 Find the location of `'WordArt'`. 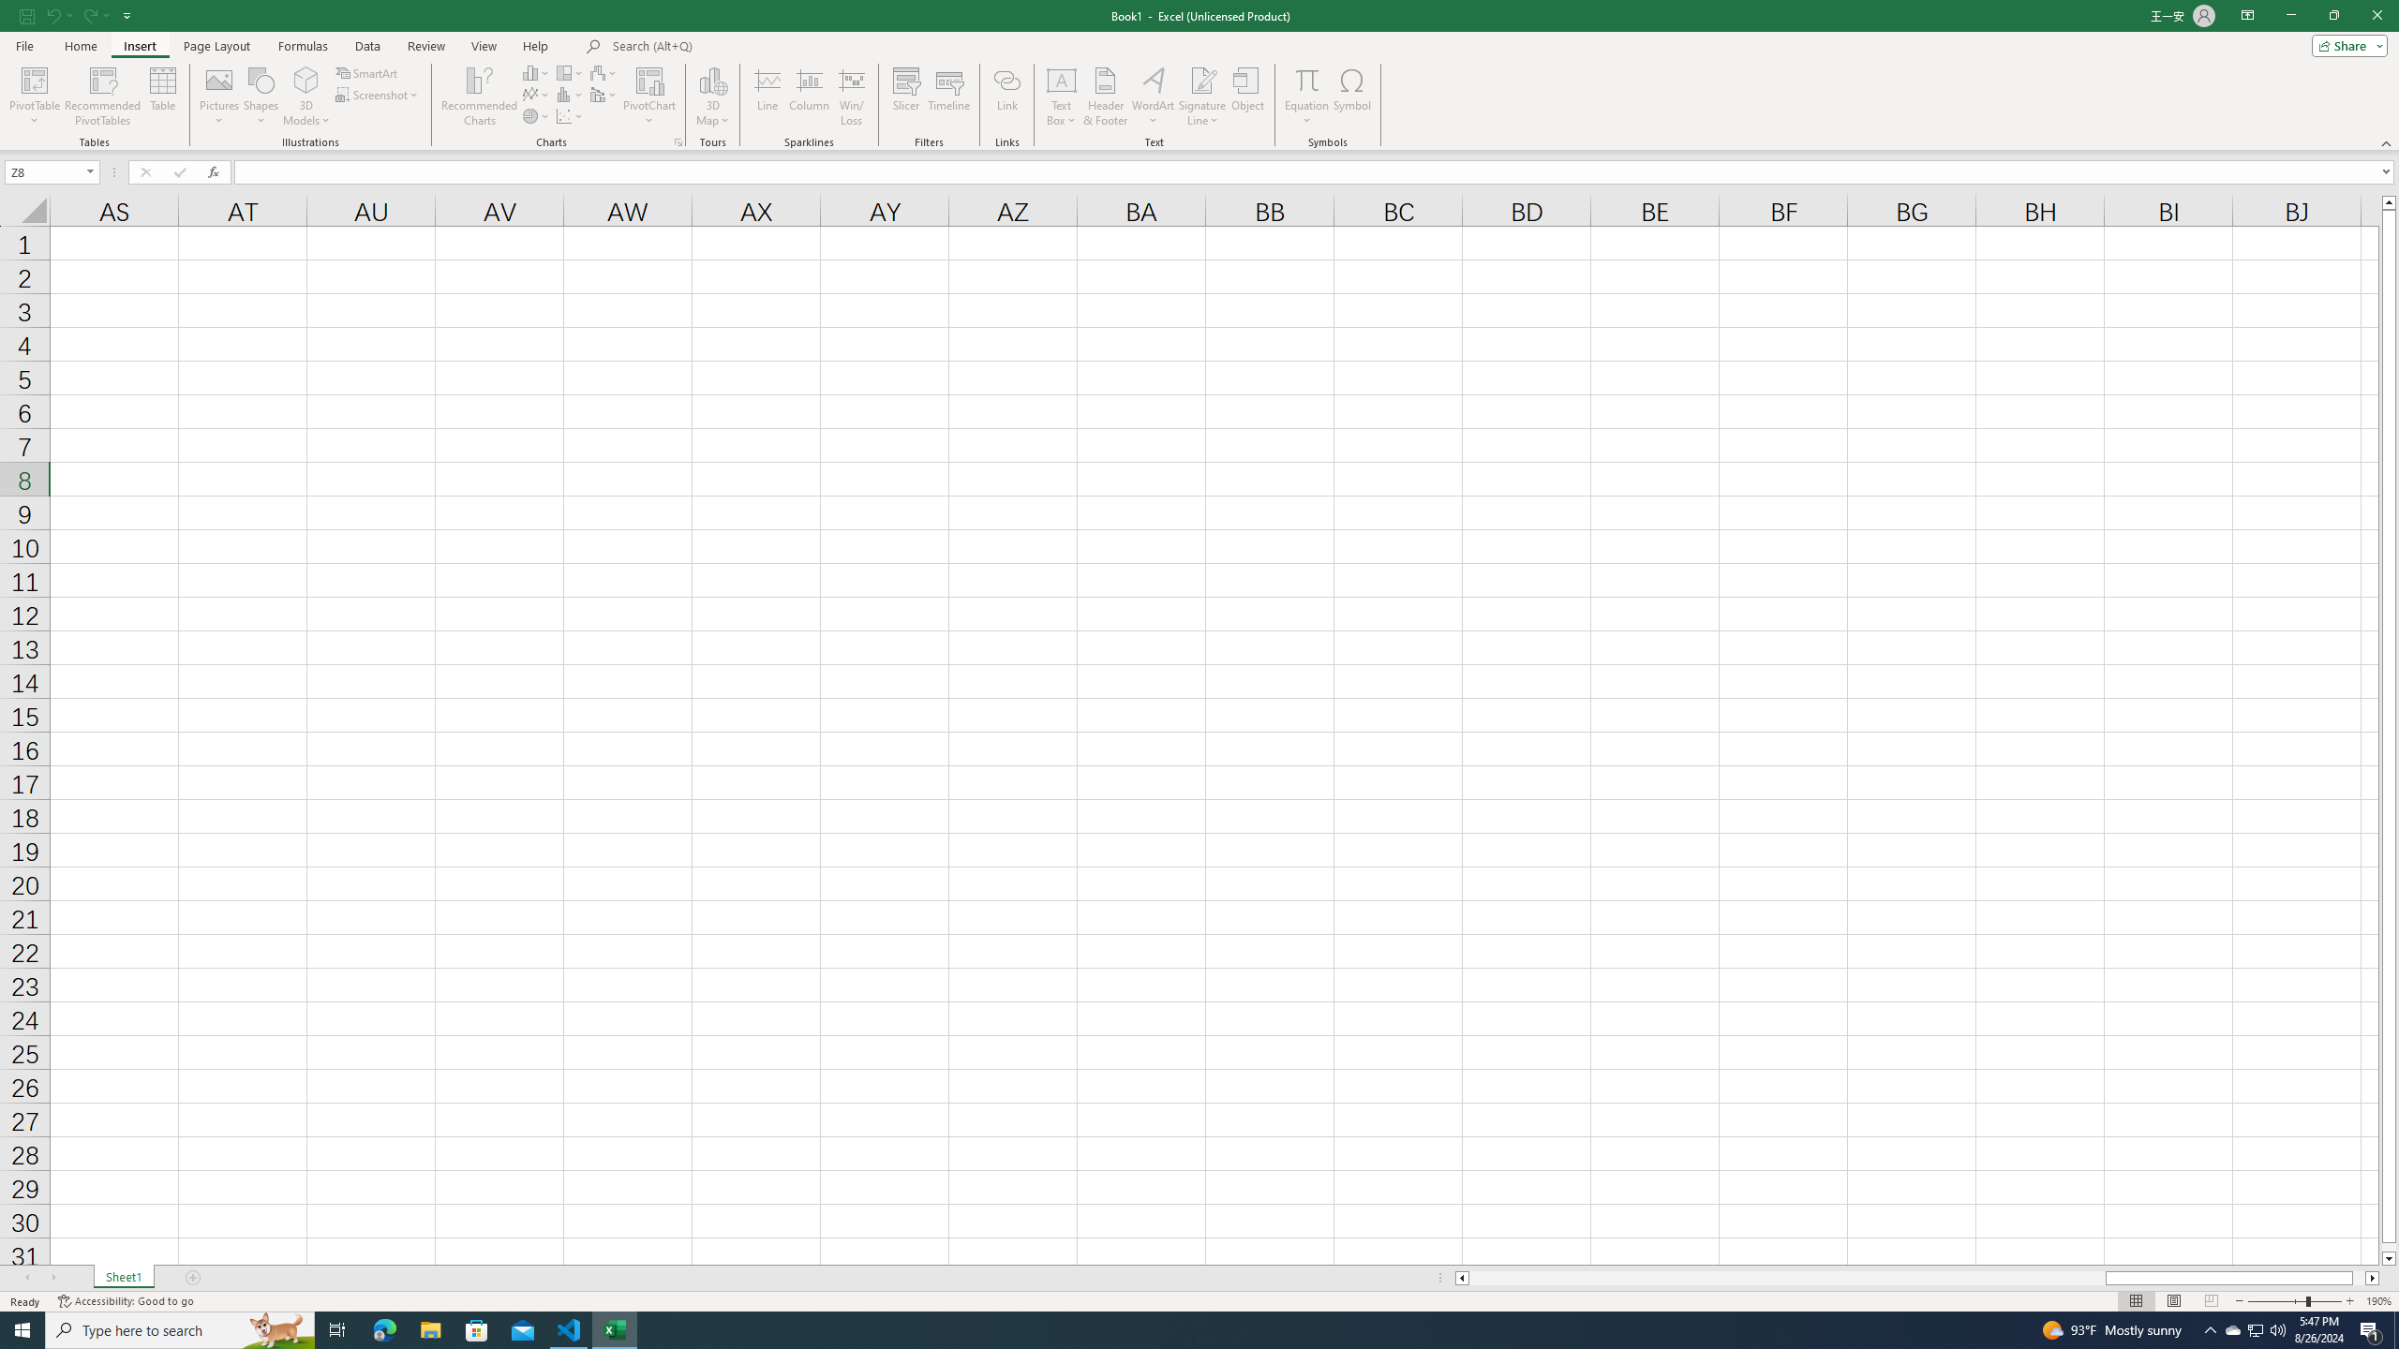

'WordArt' is located at coordinates (1154, 96).